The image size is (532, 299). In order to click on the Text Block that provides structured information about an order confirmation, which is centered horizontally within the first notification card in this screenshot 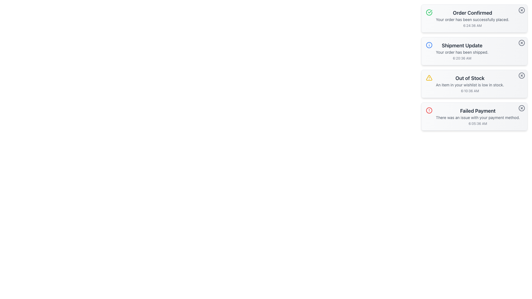, I will do `click(472, 18)`.